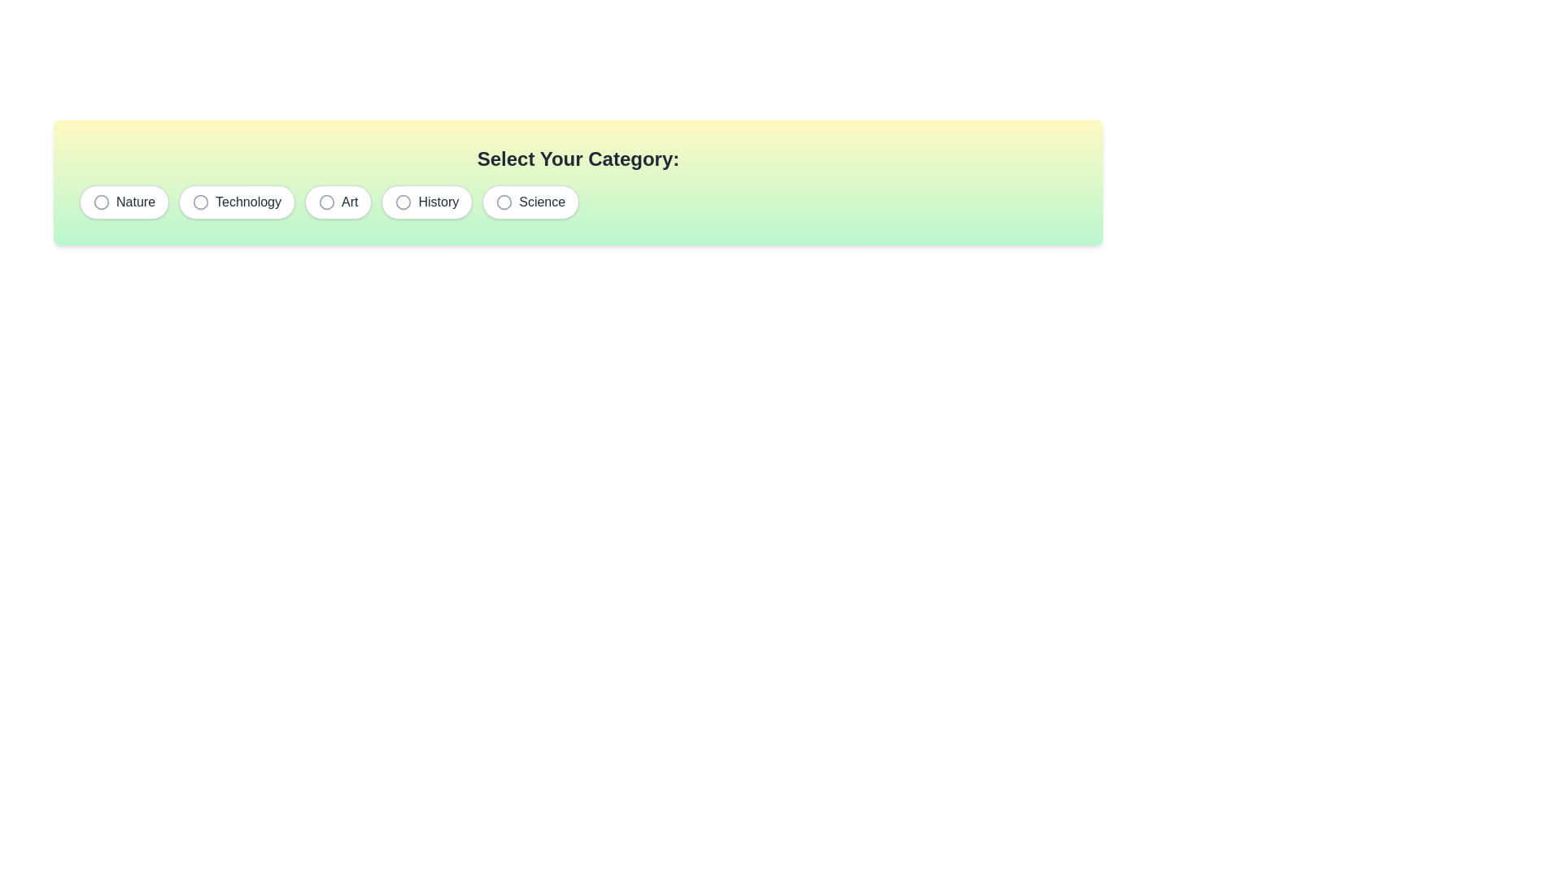 The width and height of the screenshot is (1562, 878). What do you see at coordinates (338, 202) in the screenshot?
I see `the chip labeled Art` at bounding box center [338, 202].